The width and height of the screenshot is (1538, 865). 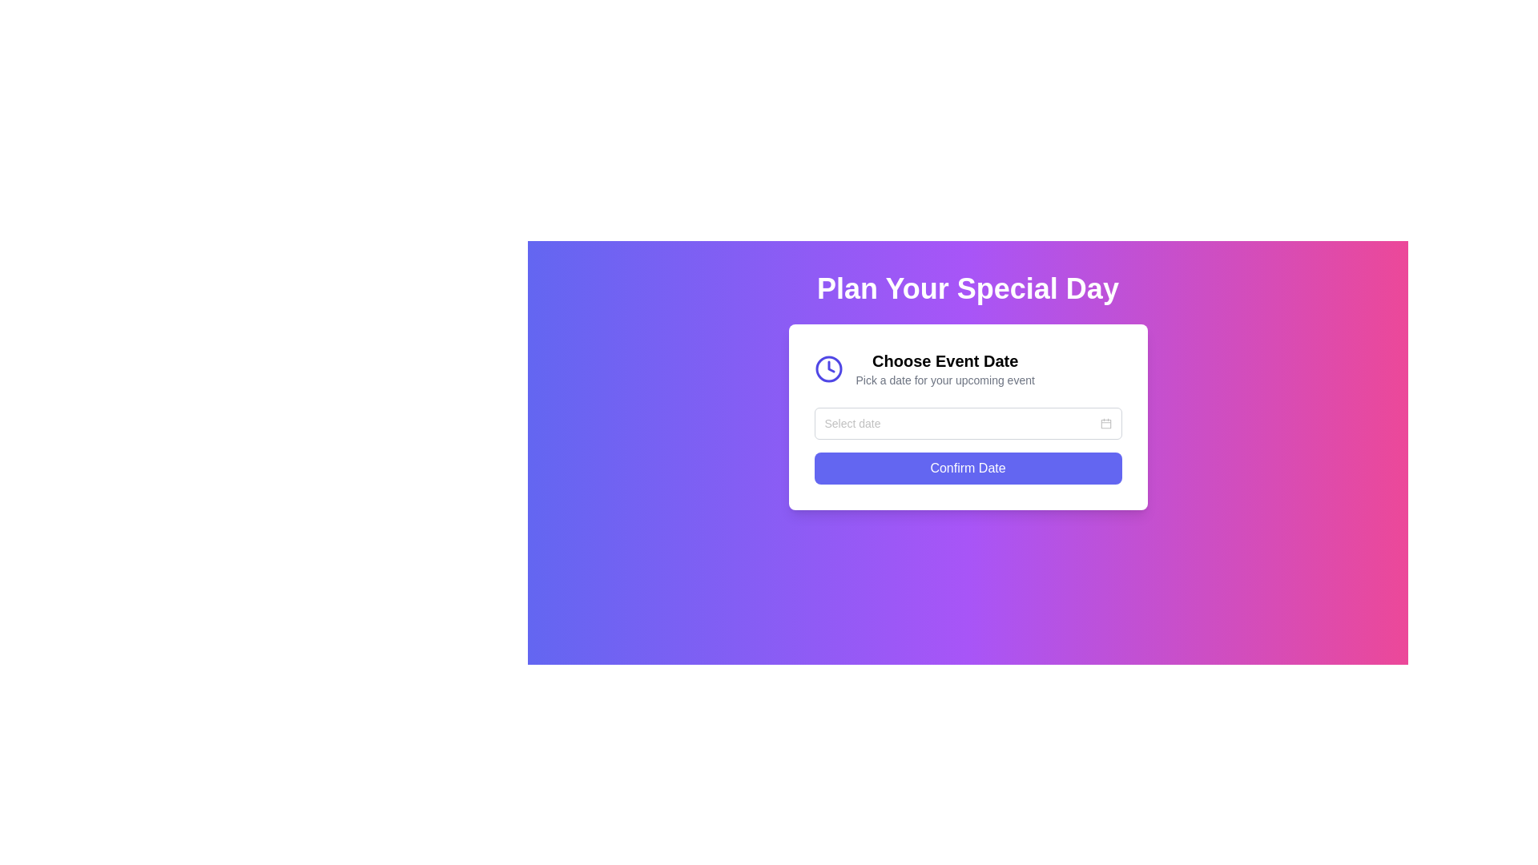 I want to click on the confirmation button located below the 'Select date' input field within the modal card to confirm the selected date and proceed to the next step, so click(x=967, y=469).